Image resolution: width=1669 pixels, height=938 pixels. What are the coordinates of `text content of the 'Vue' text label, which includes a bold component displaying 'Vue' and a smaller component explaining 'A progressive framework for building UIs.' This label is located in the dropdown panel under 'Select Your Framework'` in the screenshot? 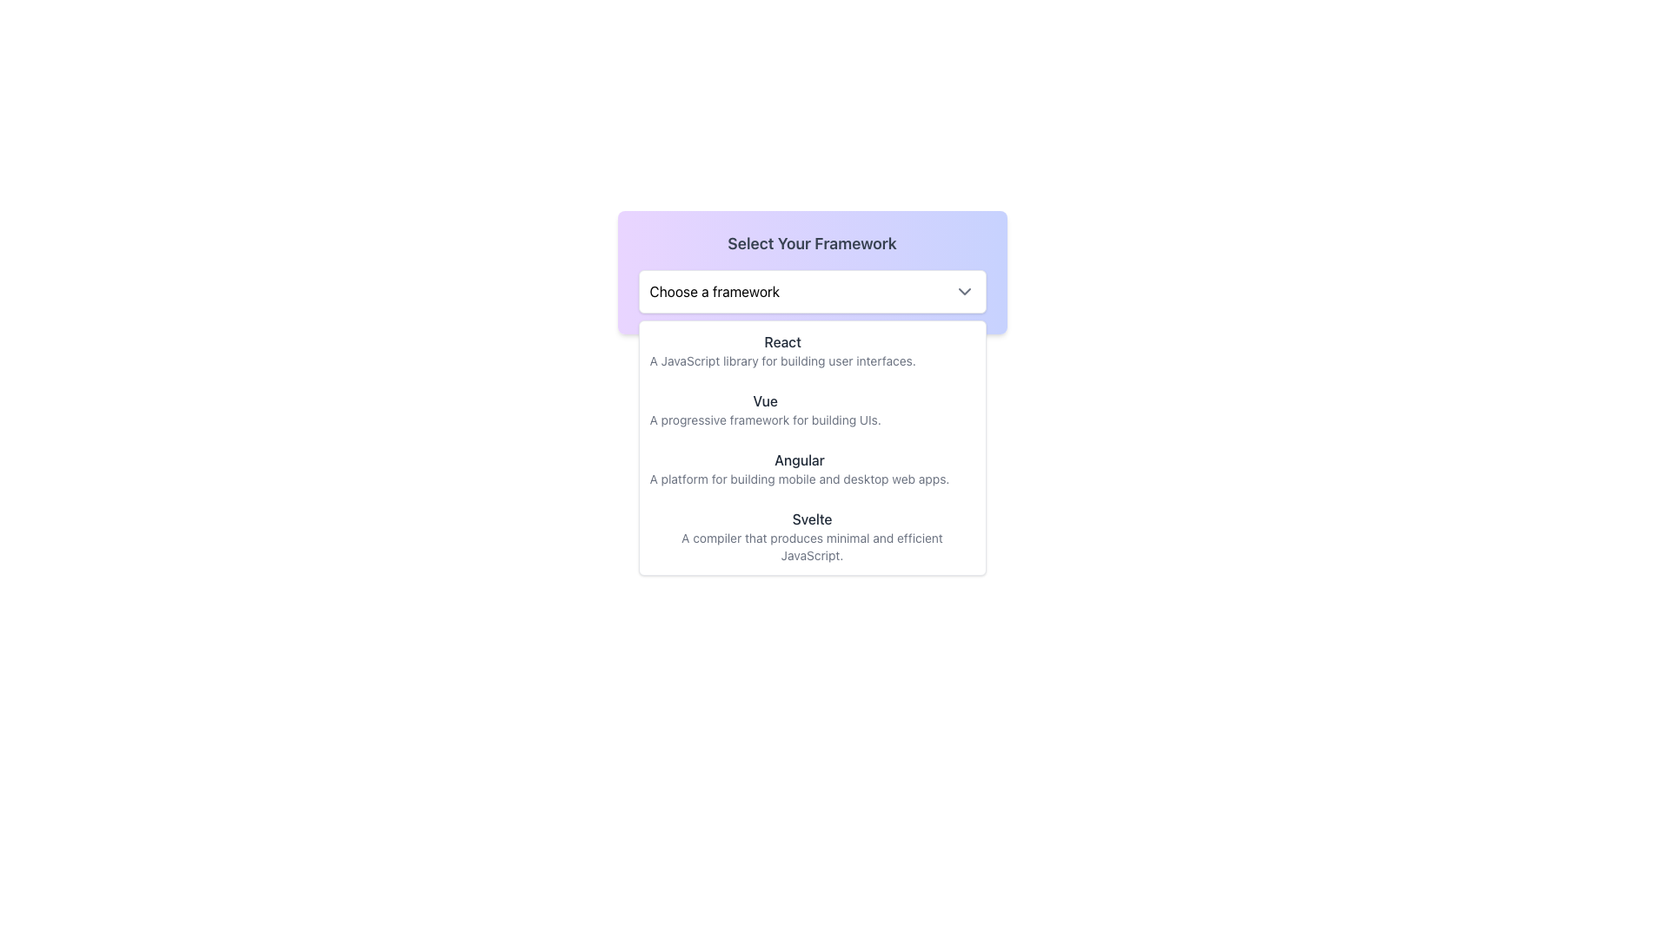 It's located at (765, 409).